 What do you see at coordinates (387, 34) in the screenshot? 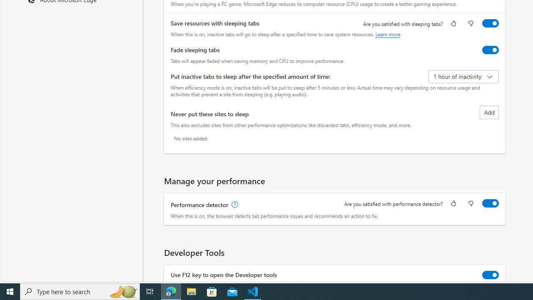
I see `'Learn more'` at bounding box center [387, 34].